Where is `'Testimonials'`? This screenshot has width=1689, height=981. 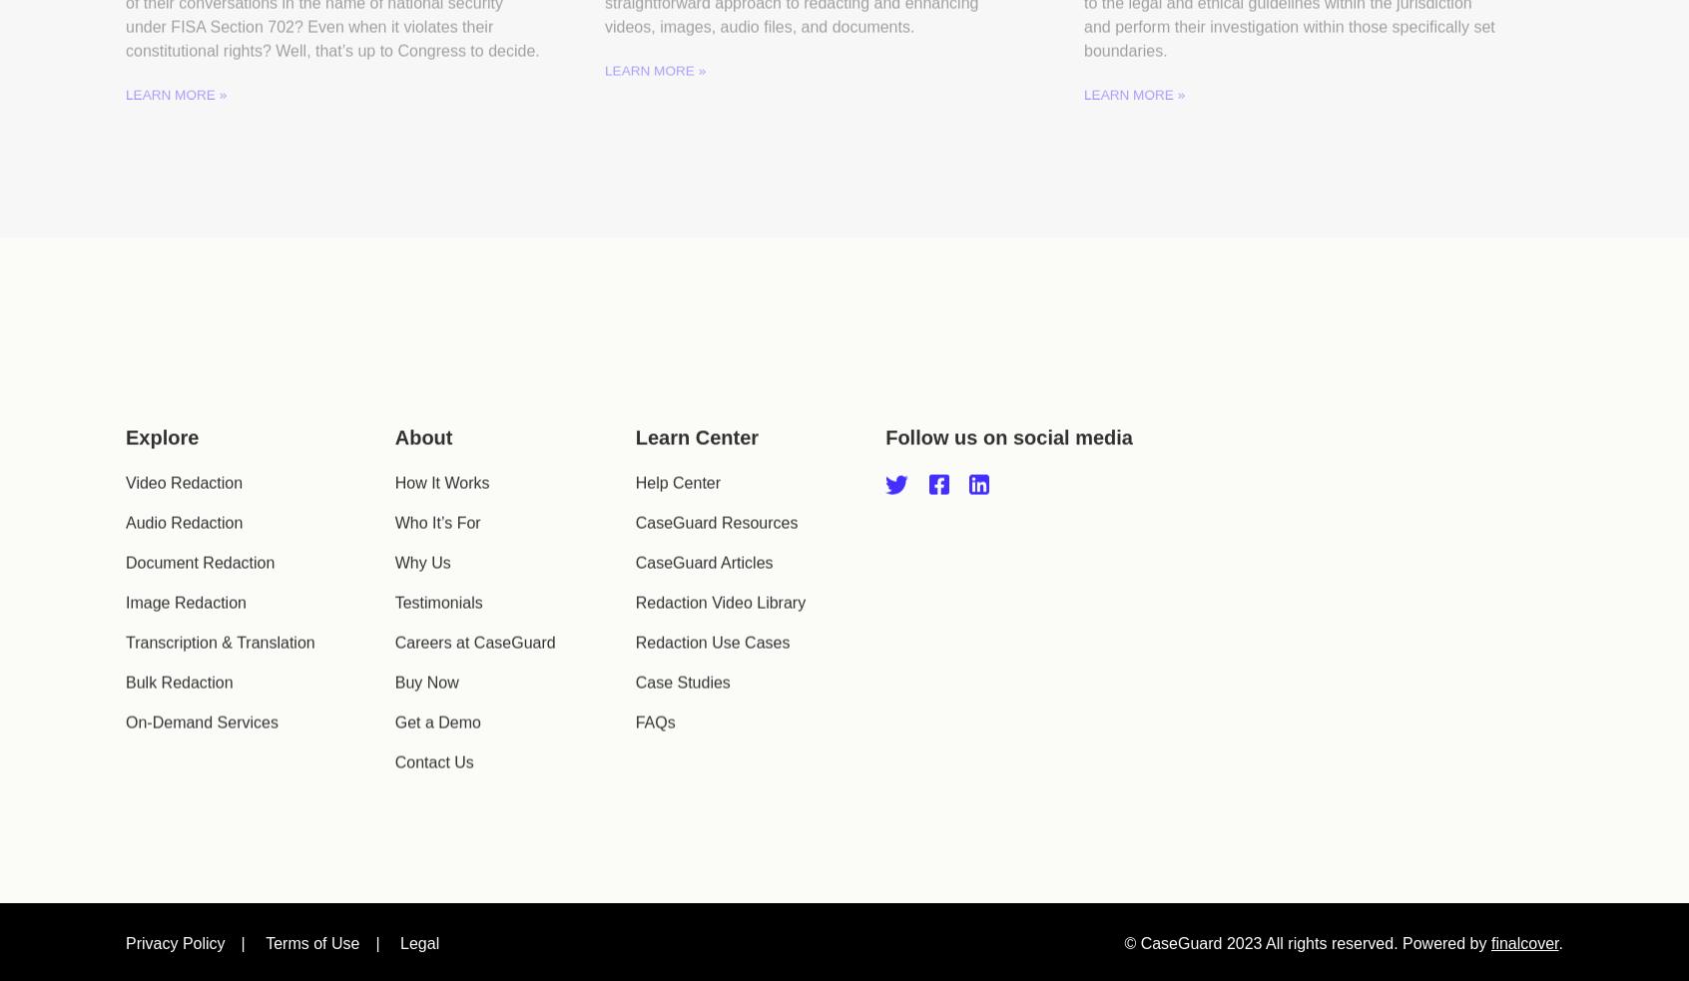 'Testimonials' is located at coordinates (437, 630).